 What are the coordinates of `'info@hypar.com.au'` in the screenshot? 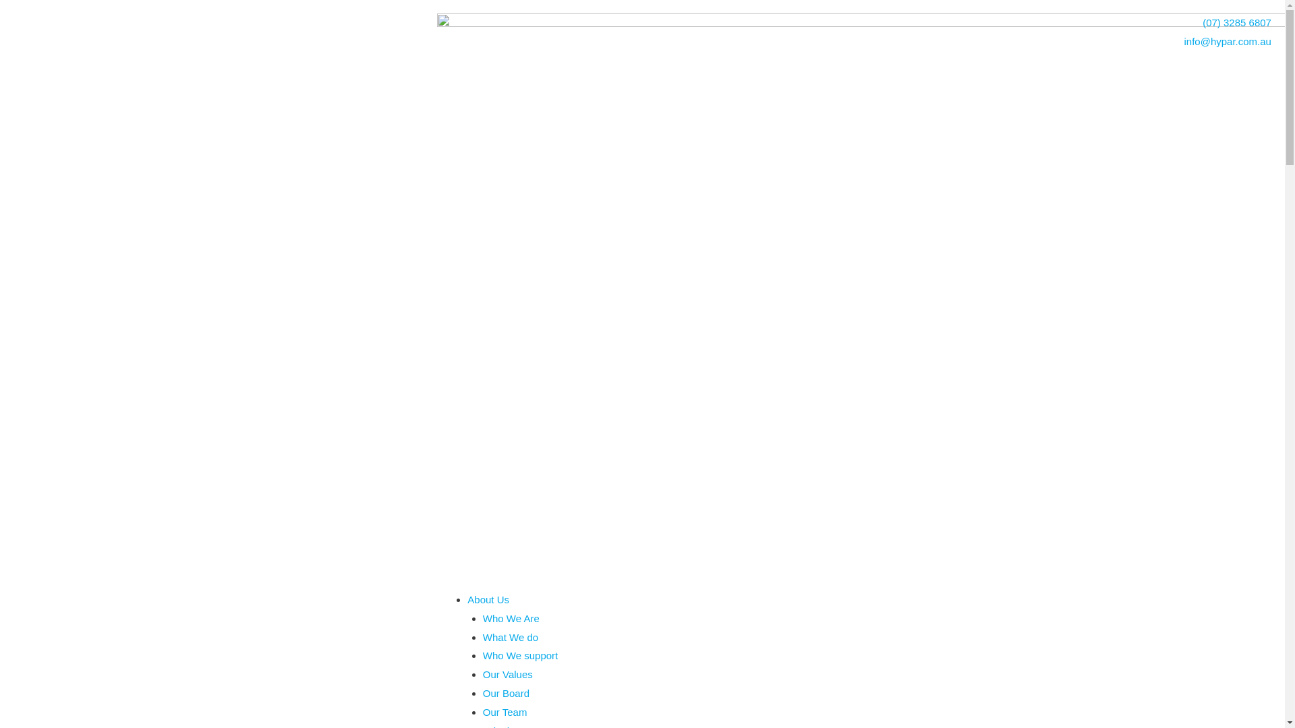 It's located at (1065, 40).